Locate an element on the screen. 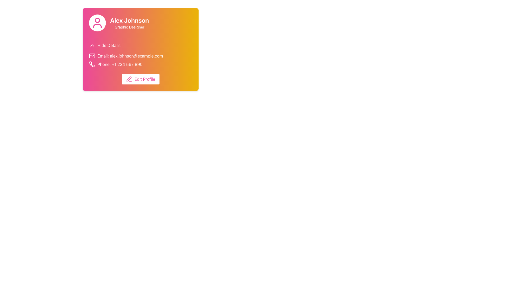 Image resolution: width=507 pixels, height=285 pixels. the pink 'Edit Profile' button containing the pen icon located at the bottom-center of the profile card is located at coordinates (129, 79).